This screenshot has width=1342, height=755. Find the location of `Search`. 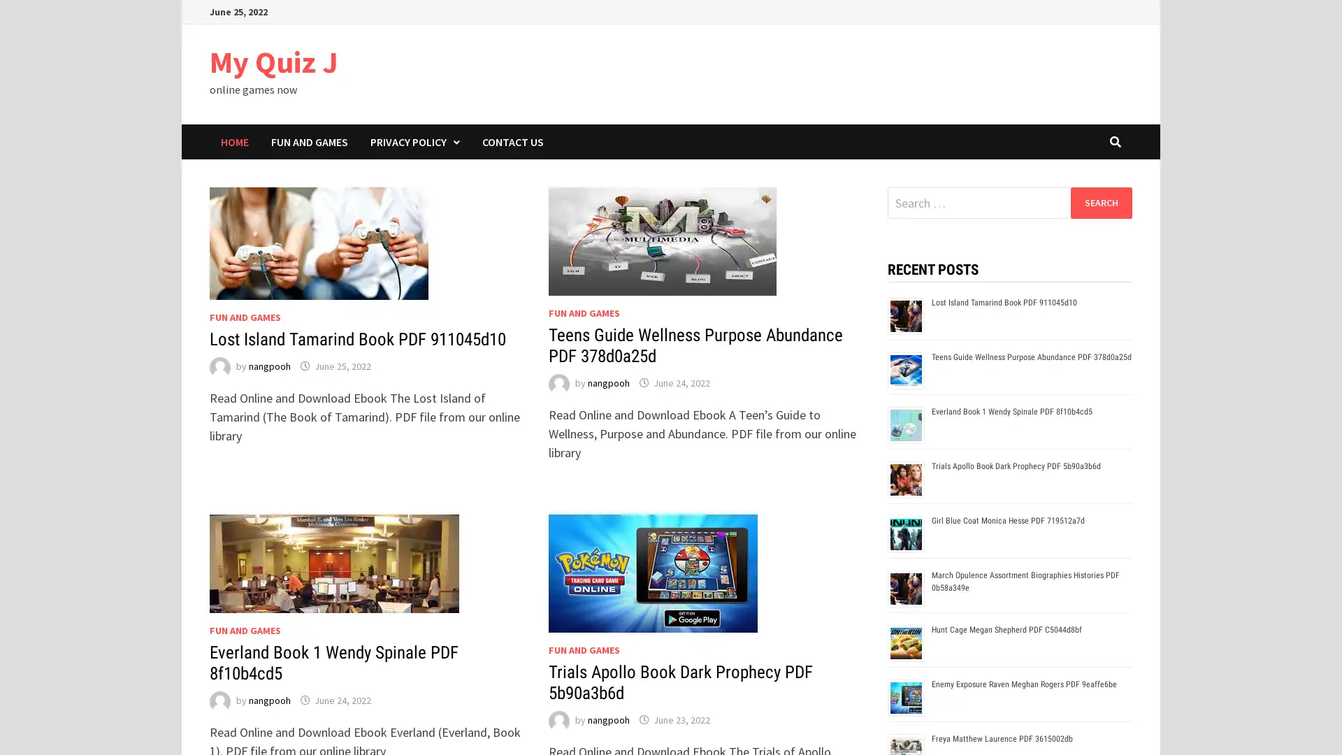

Search is located at coordinates (1100, 202).